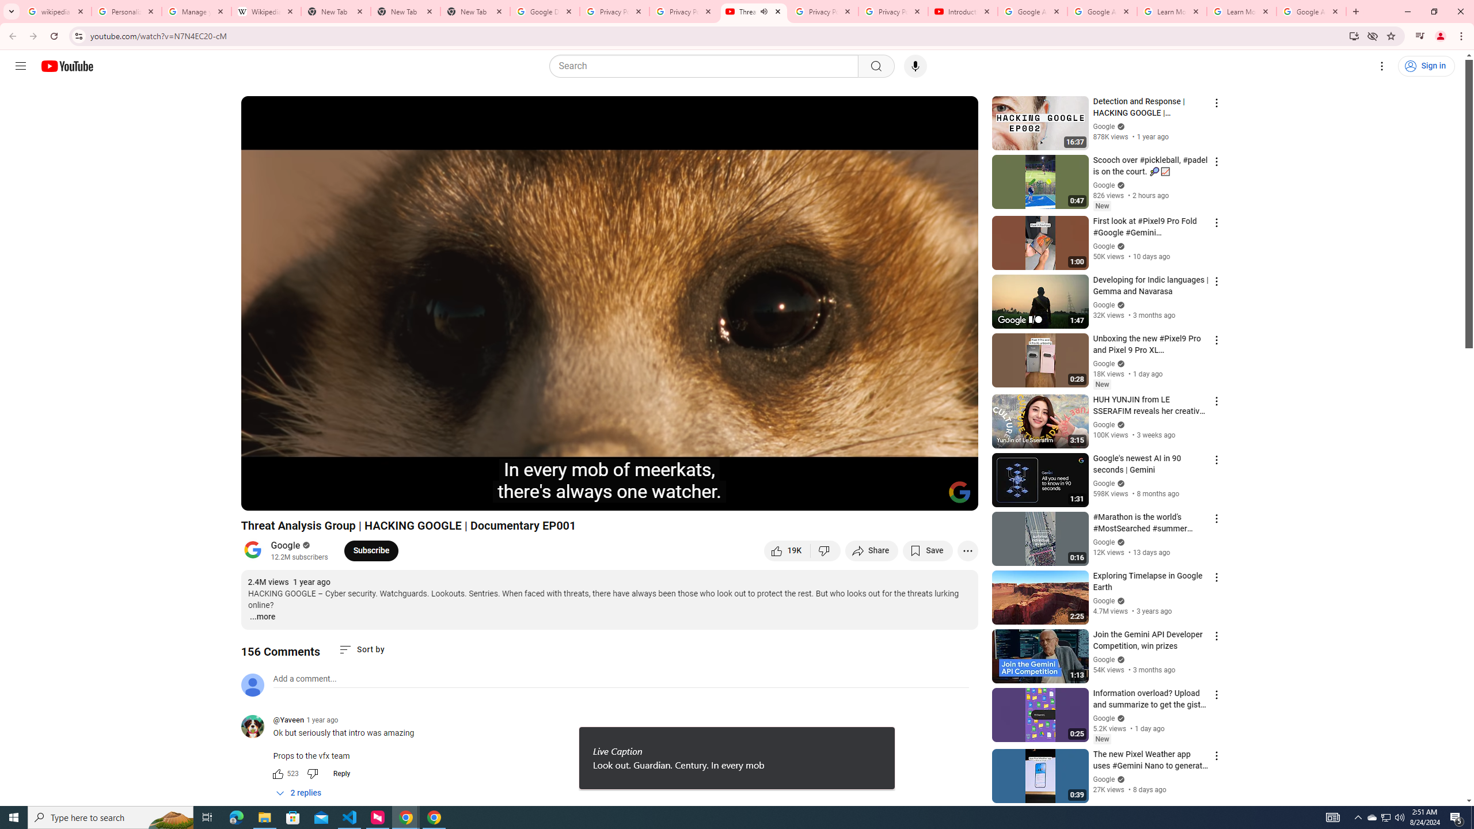 This screenshot has height=829, width=1474. What do you see at coordinates (316, 496) in the screenshot?
I see `'Mute (m)'` at bounding box center [316, 496].